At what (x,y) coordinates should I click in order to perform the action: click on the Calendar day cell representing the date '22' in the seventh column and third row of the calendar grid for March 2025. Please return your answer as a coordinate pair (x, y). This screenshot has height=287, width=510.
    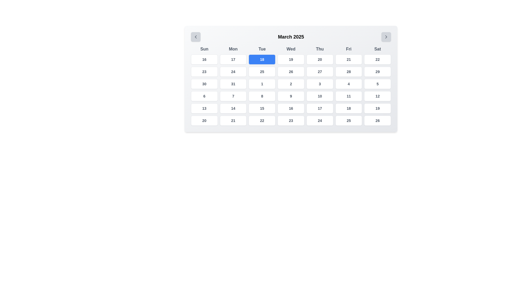
    Looking at the image, I should click on (377, 59).